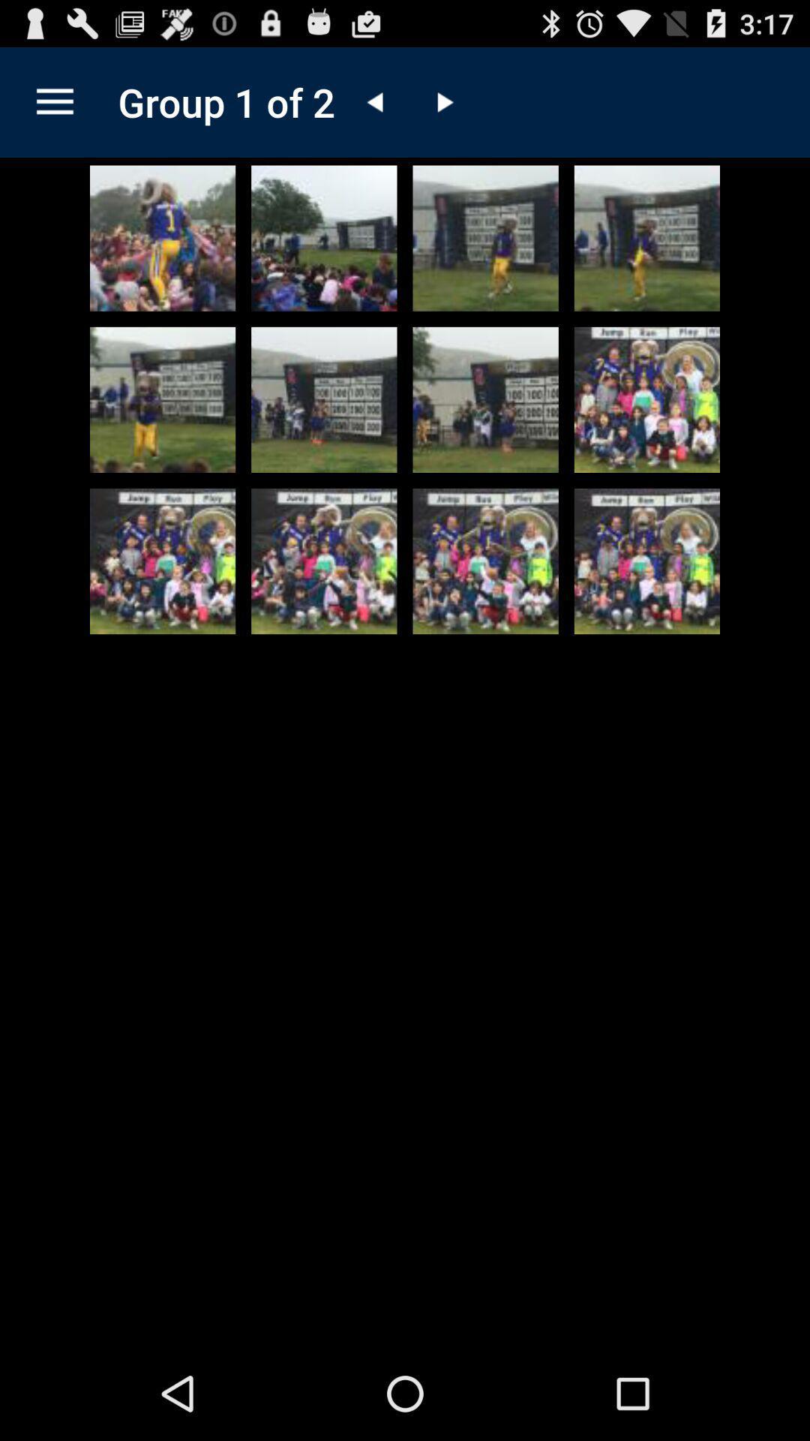 The image size is (810, 1441). I want to click on los angeles rams, so click(323, 561).